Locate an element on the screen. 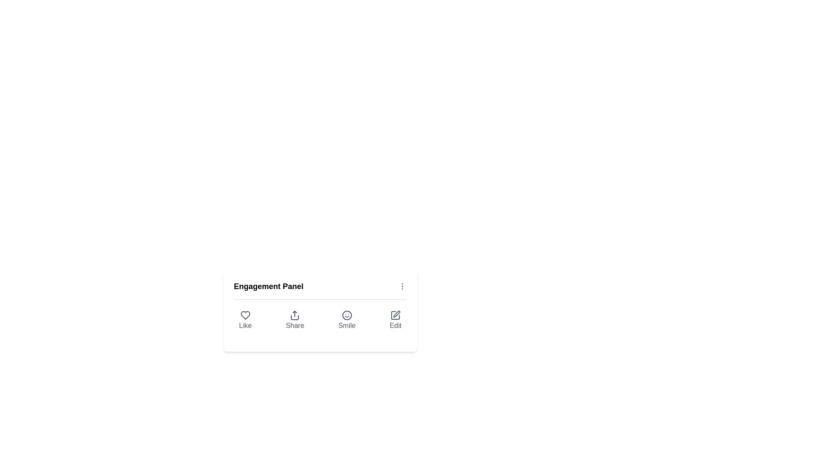 The height and width of the screenshot is (466, 830). the smiley face button labeled 'Smile' to change its color from gray to blue is located at coordinates (347, 321).